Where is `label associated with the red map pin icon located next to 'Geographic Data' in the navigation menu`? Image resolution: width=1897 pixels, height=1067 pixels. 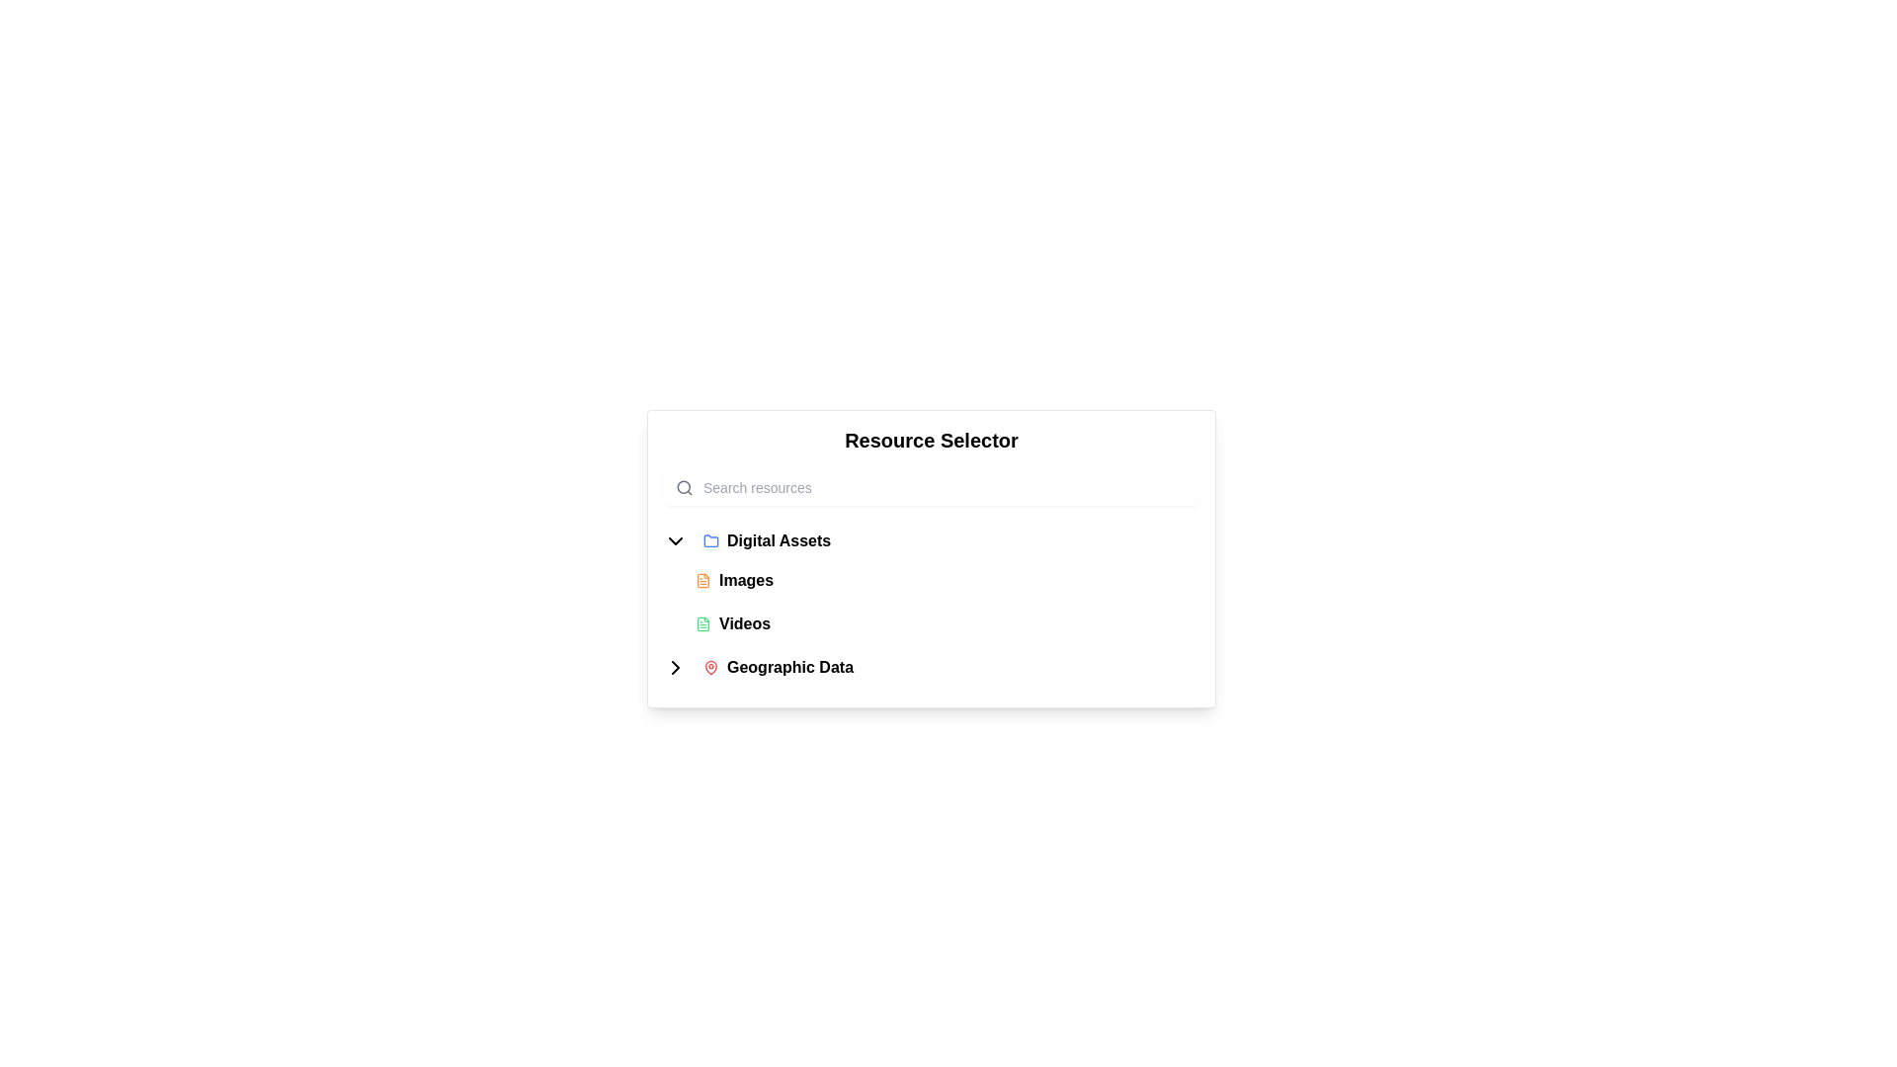
label associated with the red map pin icon located next to 'Geographic Data' in the navigation menu is located at coordinates (711, 667).